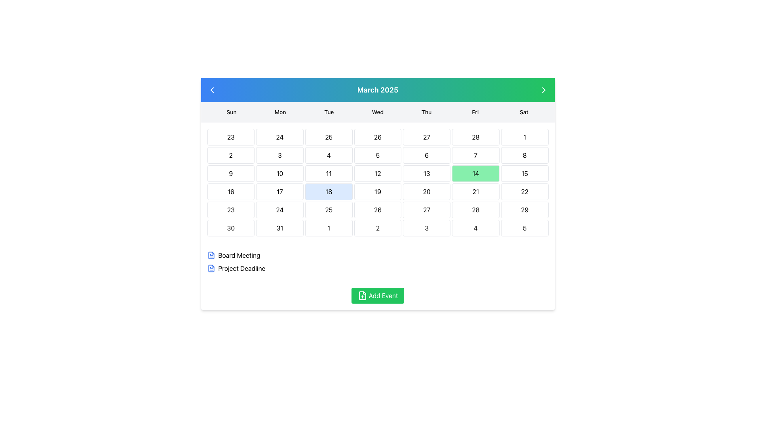 This screenshot has height=427, width=760. Describe the element at coordinates (426, 192) in the screenshot. I see `to select the date in the Calendar date cell displaying the number '20', located in the fifth row and fourth column under the Thursday column` at that location.